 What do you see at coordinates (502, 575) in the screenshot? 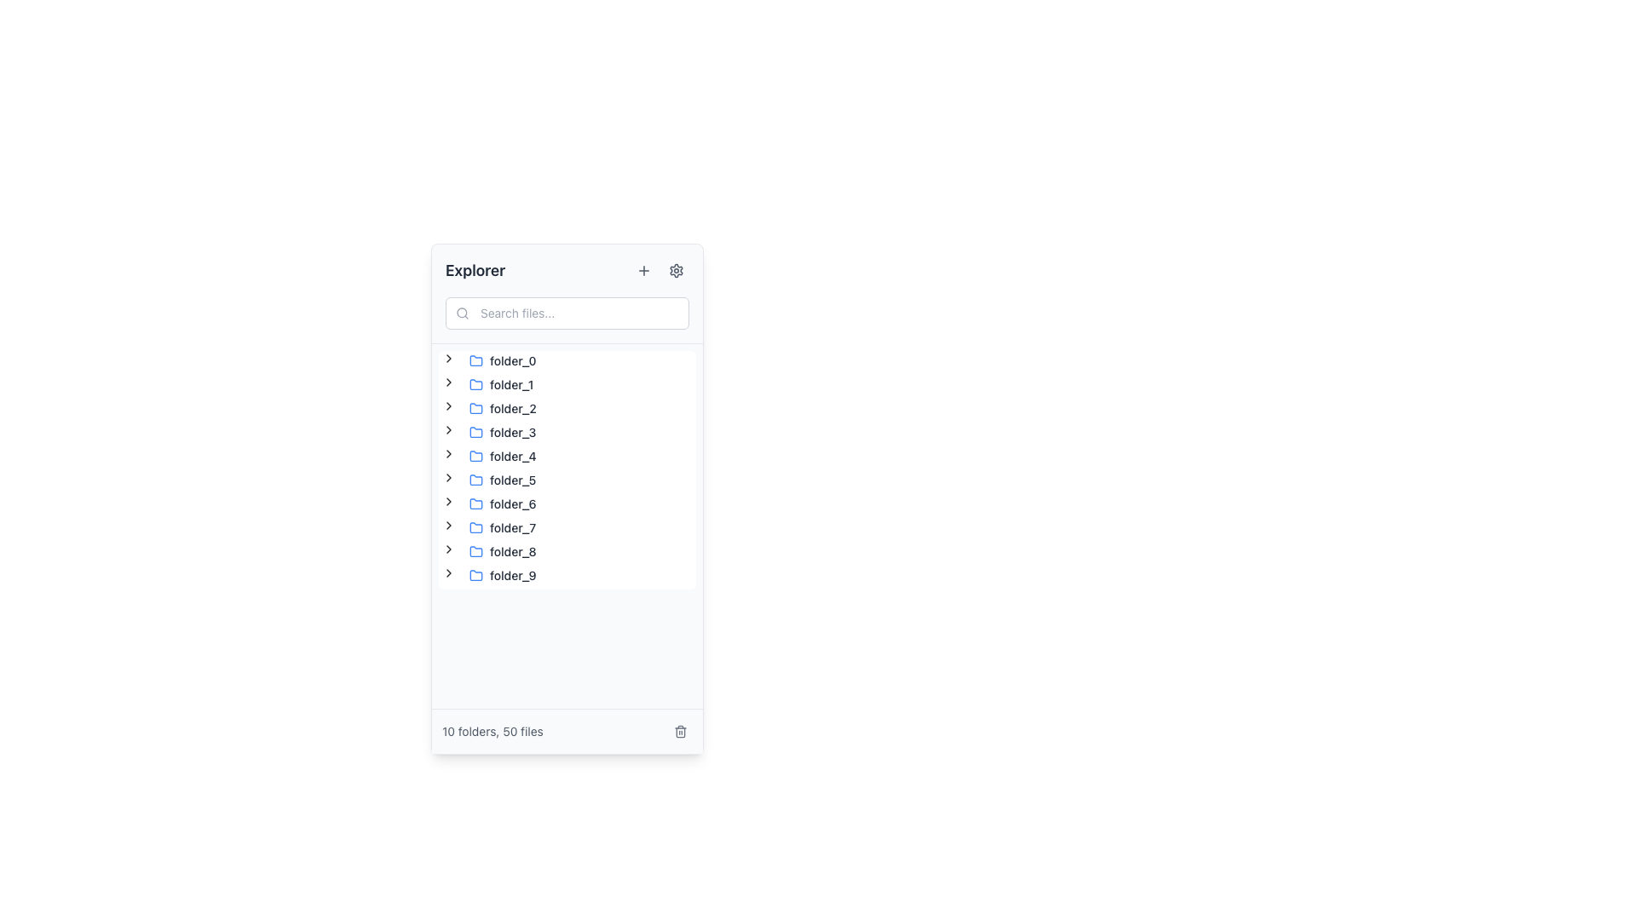
I see `the Tree item representing 'folder_9'` at bounding box center [502, 575].